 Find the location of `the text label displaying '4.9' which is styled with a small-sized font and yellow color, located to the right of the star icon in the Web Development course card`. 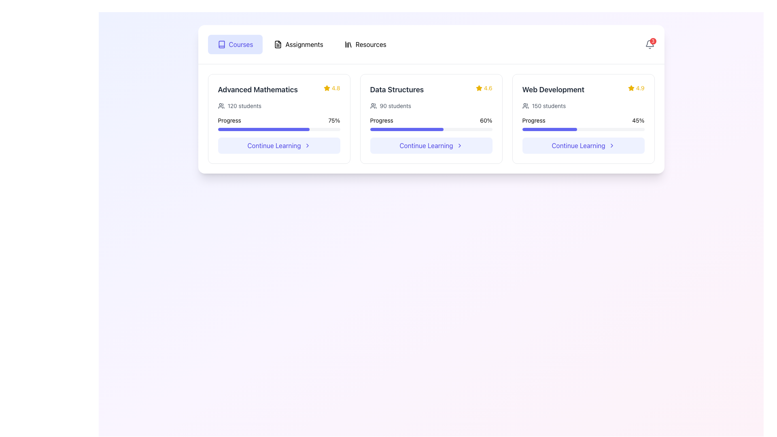

the text label displaying '4.9' which is styled with a small-sized font and yellow color, located to the right of the star icon in the Web Development course card is located at coordinates (640, 88).